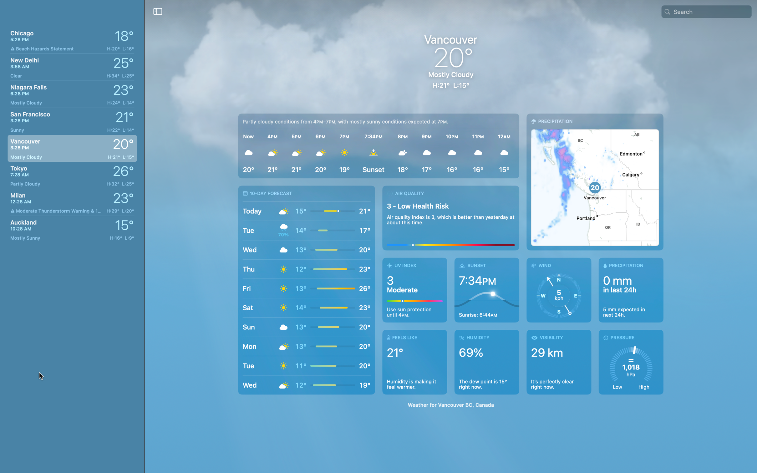 Image resolution: width=757 pixels, height=473 pixels. Describe the element at coordinates (487, 290) in the screenshot. I see `View the sun position in Vancouver` at that location.